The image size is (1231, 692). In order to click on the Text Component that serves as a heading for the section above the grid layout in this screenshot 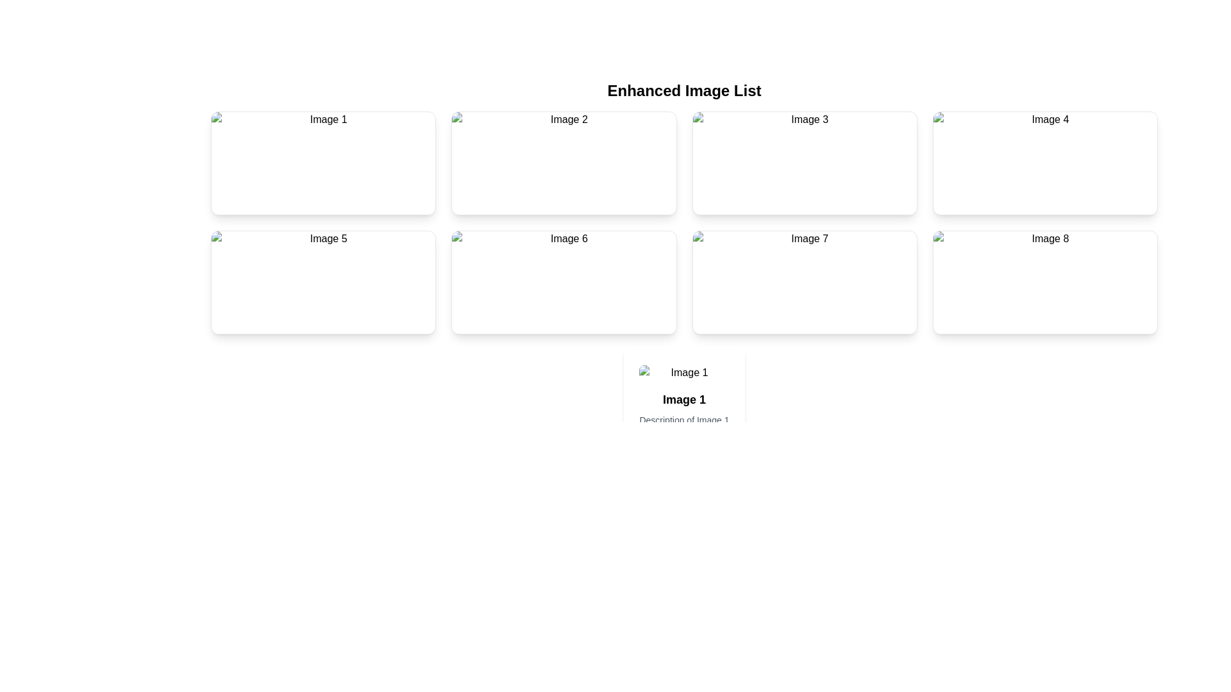, I will do `click(683, 90)`.